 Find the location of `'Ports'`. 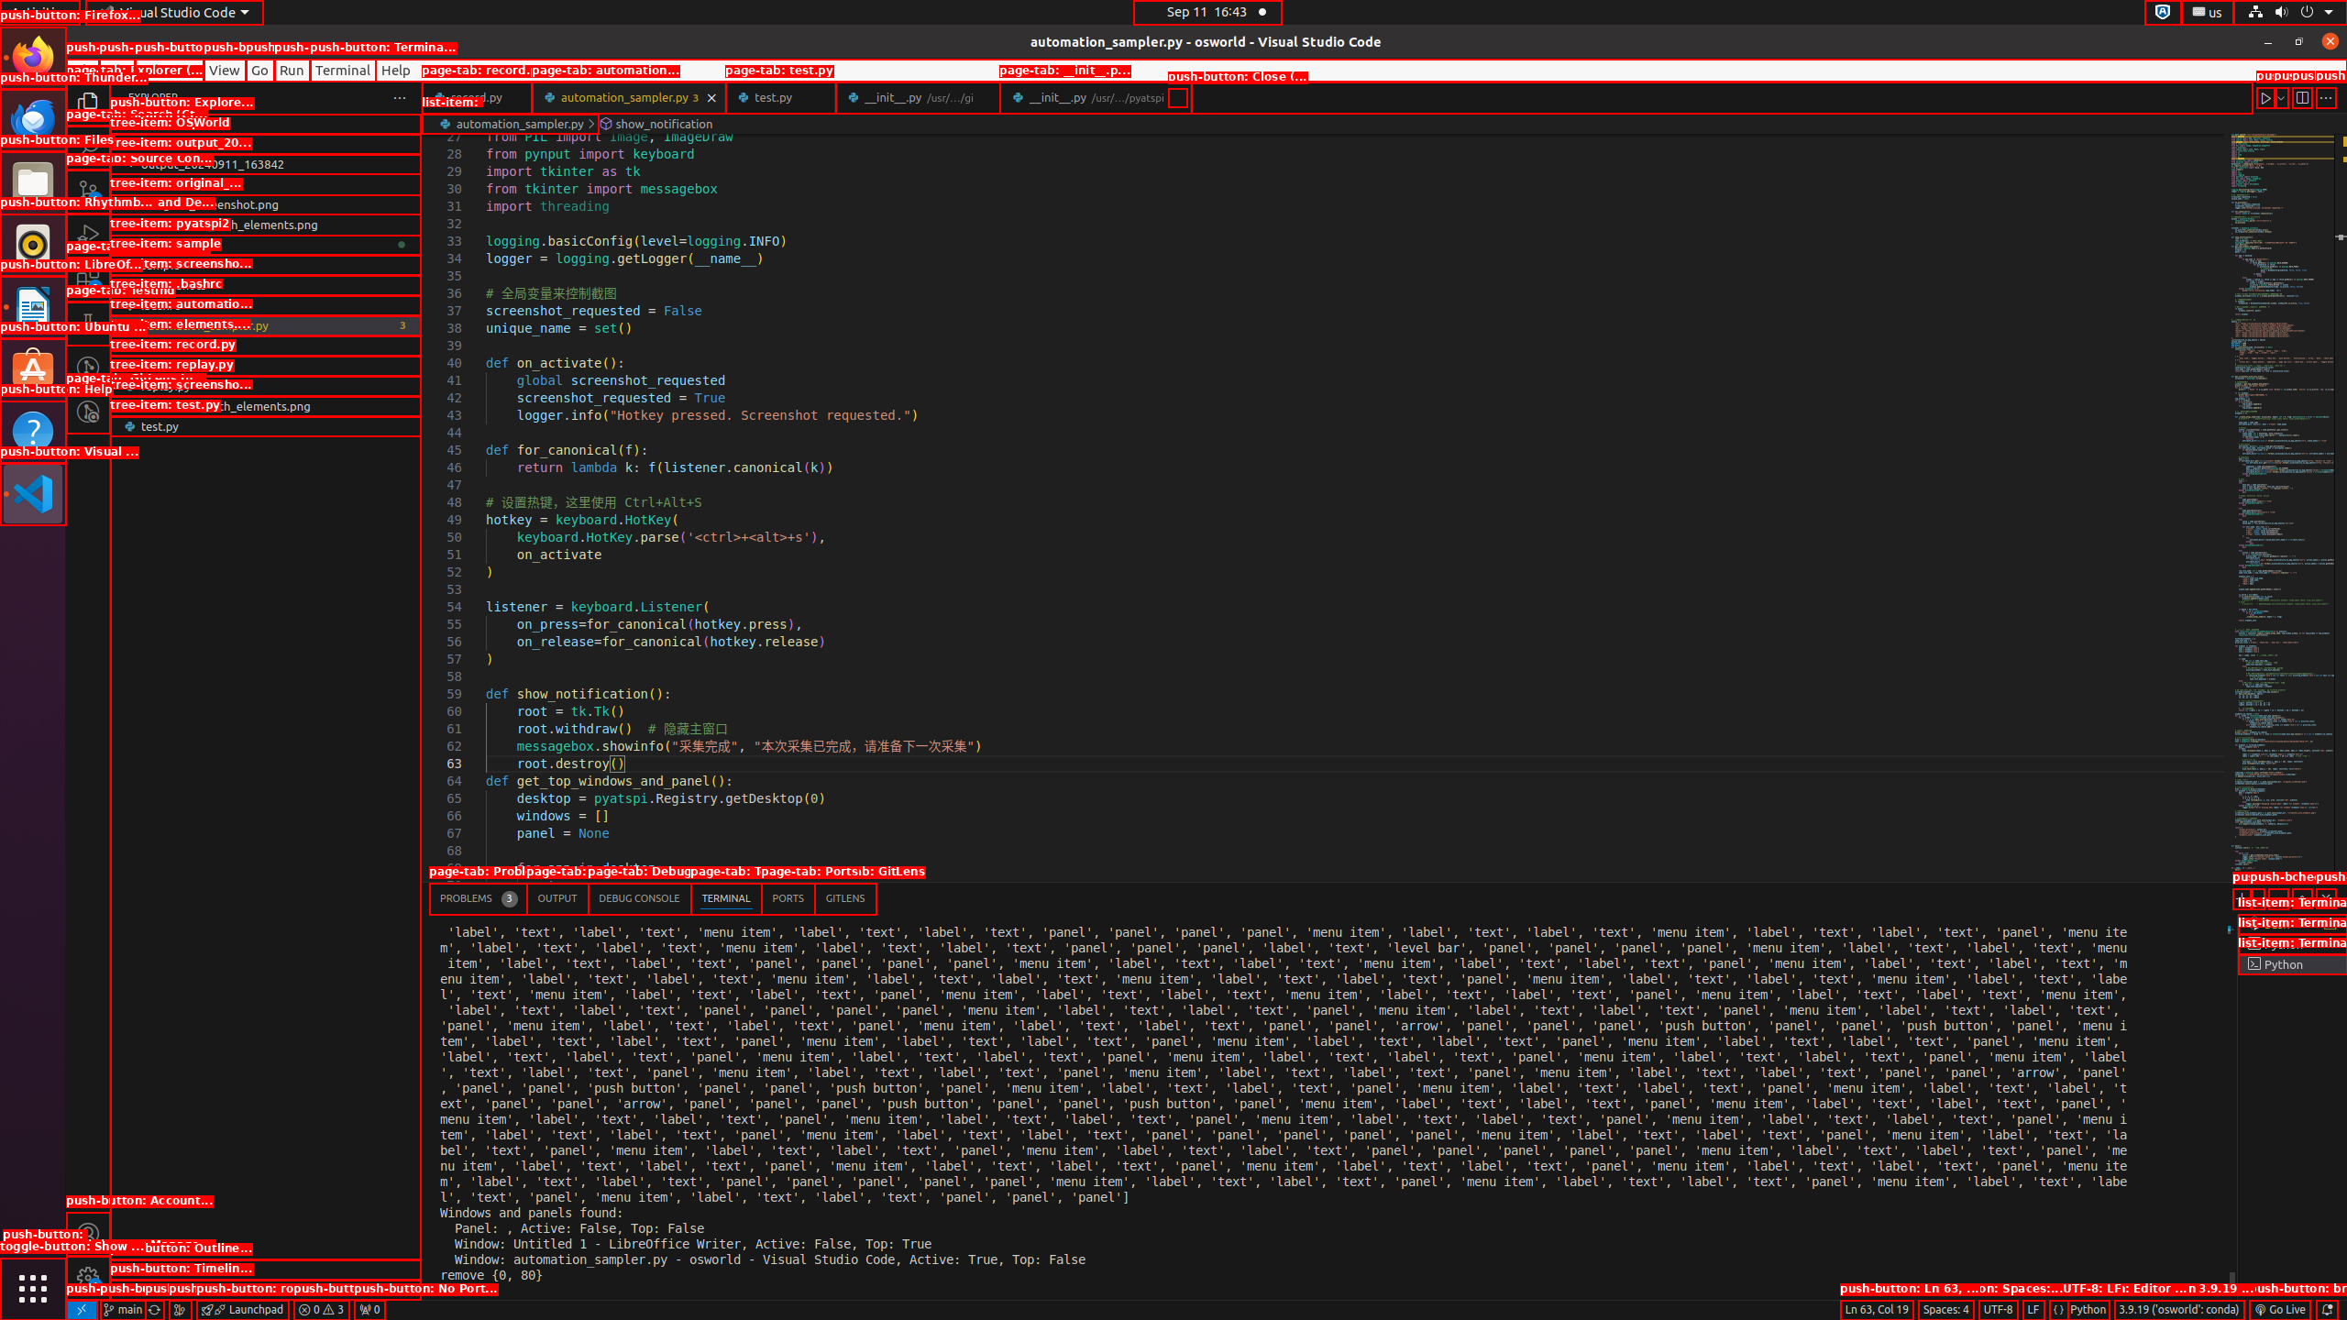

'Ports' is located at coordinates (788, 898).